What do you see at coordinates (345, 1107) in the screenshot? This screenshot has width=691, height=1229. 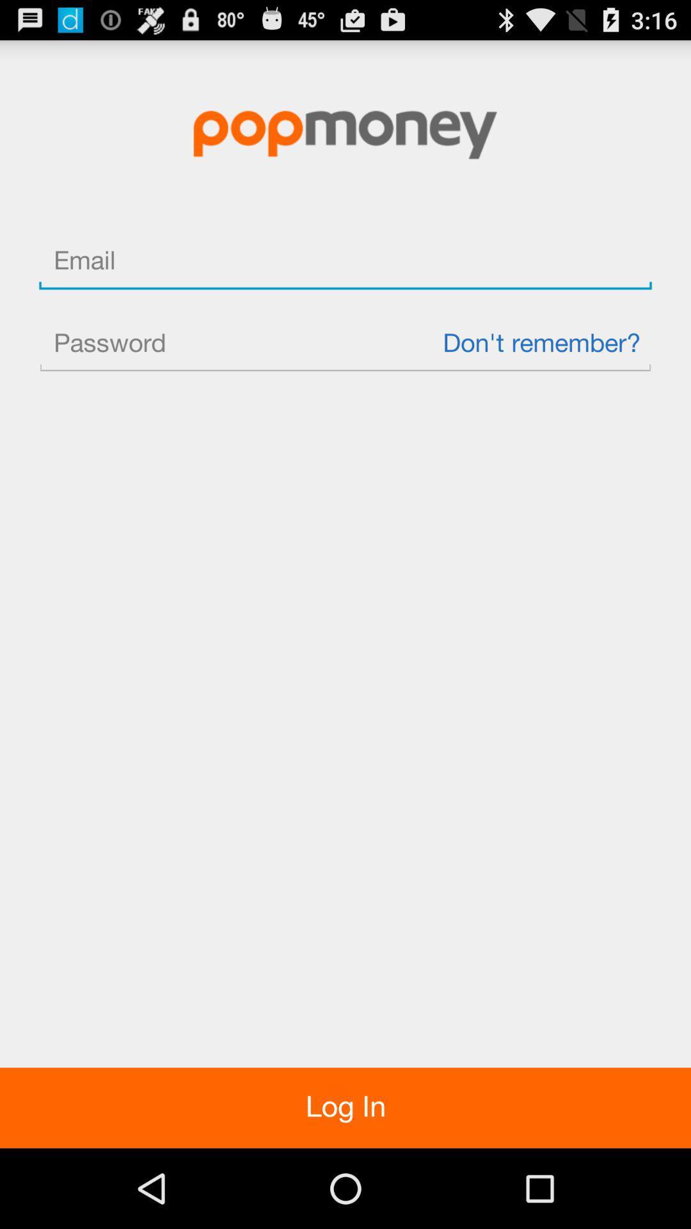 I see `the log in` at bounding box center [345, 1107].